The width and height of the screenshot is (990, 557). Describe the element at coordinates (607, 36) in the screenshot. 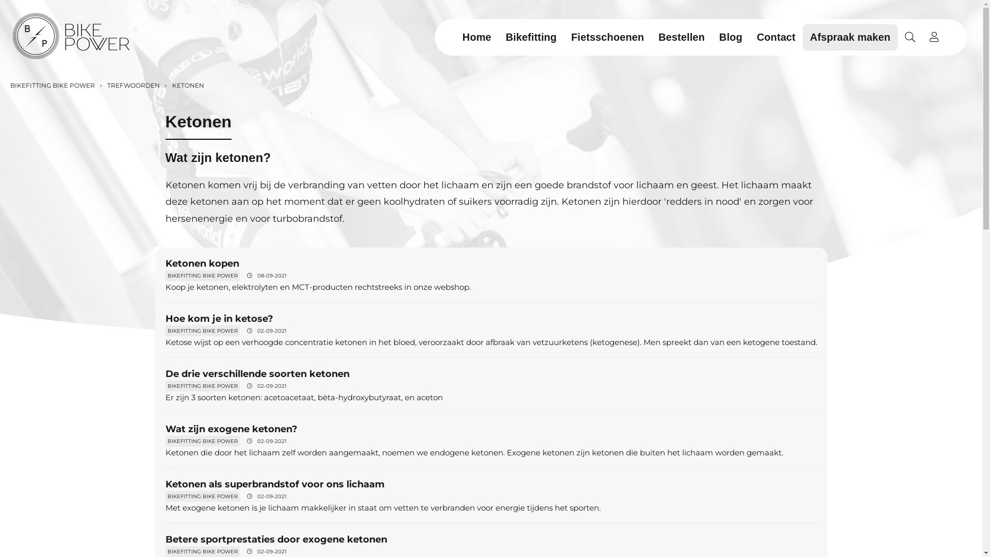

I see `'Fietsschoenen'` at that location.